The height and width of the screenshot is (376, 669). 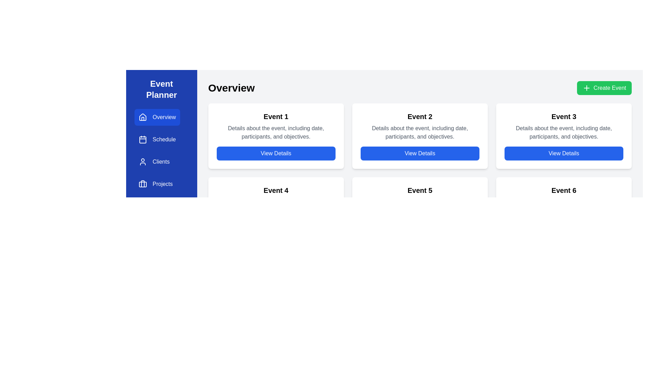 I want to click on the bold, white text label reading 'Event Planner' that is placed on a blue rectangular background at the top of the sidebar menu, so click(x=161, y=89).